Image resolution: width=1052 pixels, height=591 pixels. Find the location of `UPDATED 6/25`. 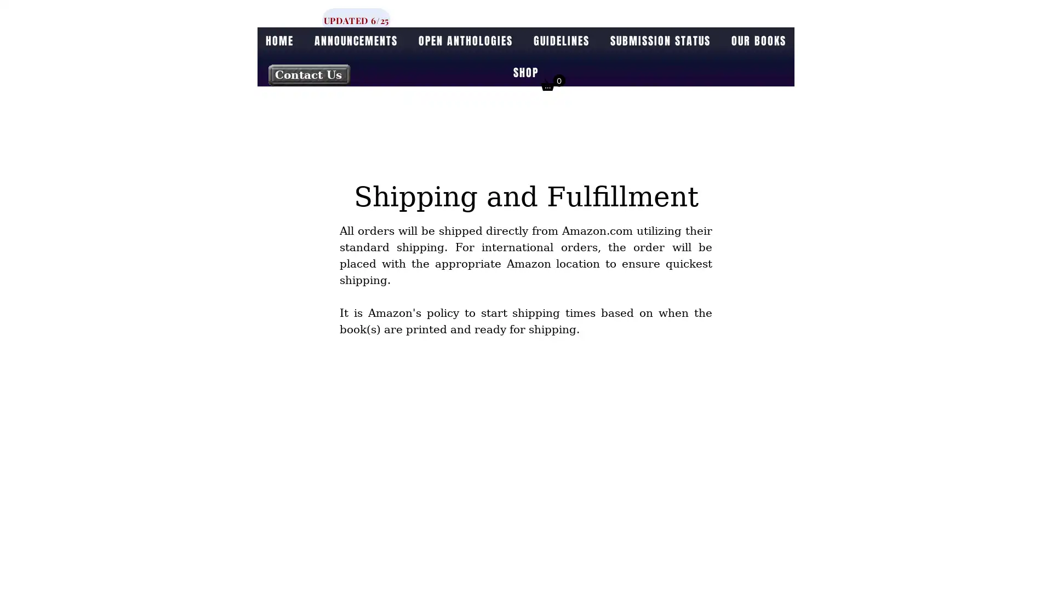

UPDATED 6/25 is located at coordinates (356, 20).